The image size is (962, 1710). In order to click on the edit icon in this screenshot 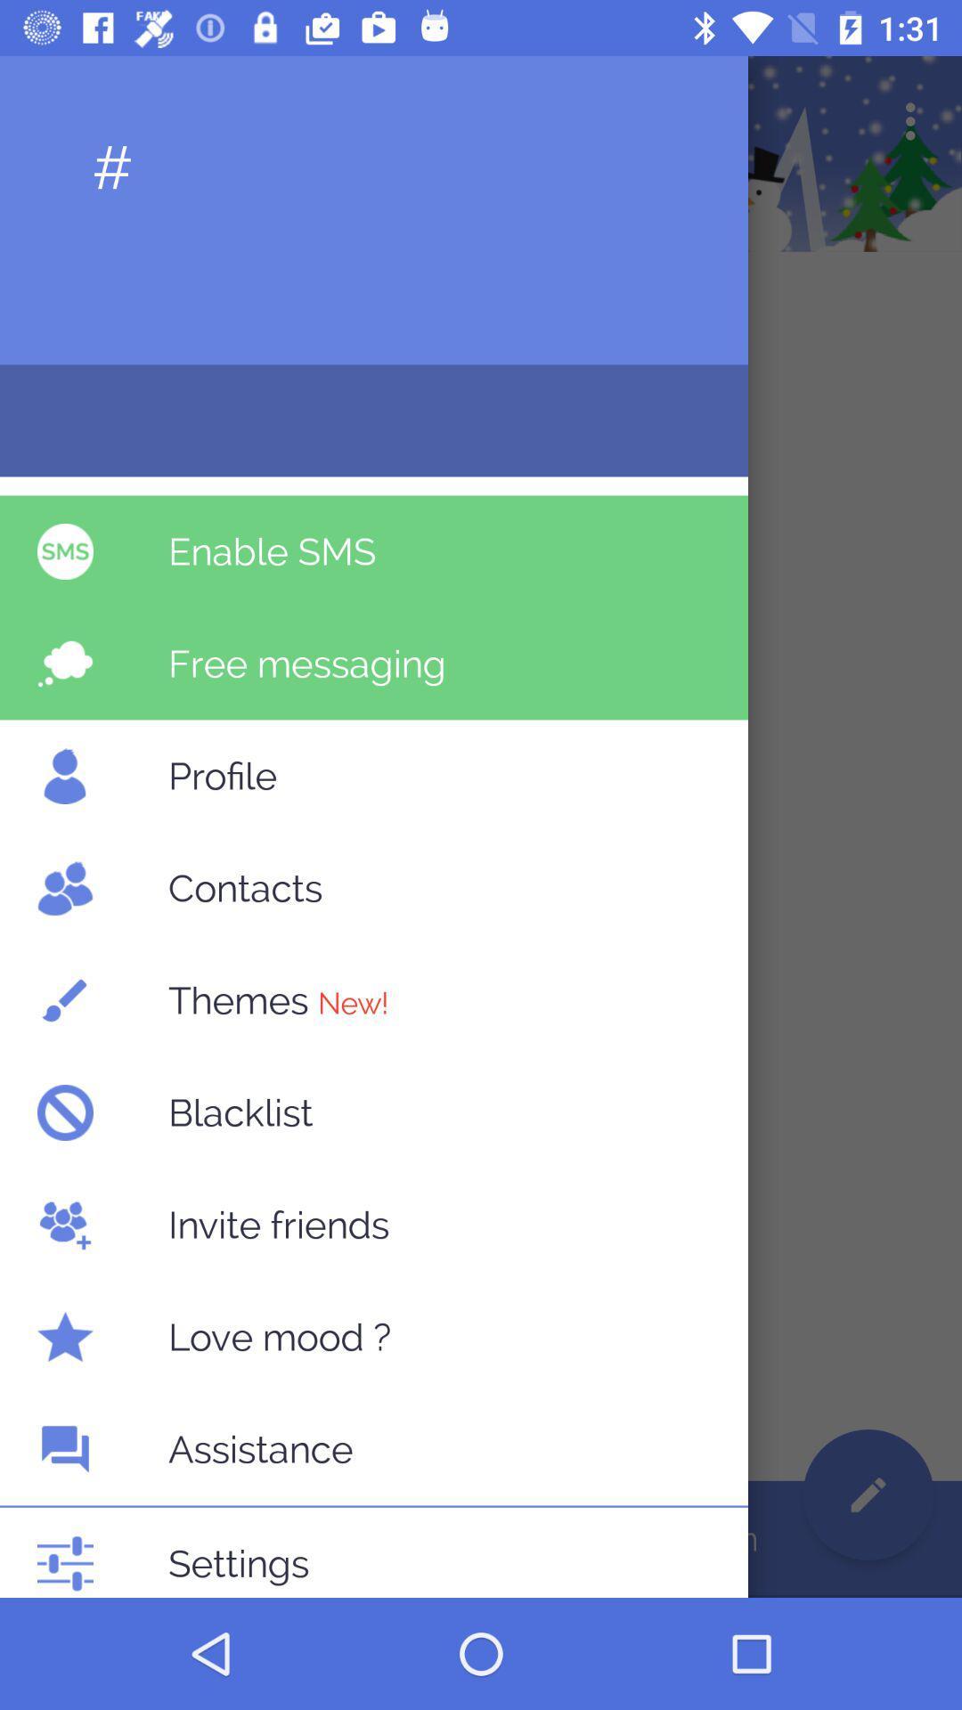, I will do `click(868, 1494)`.